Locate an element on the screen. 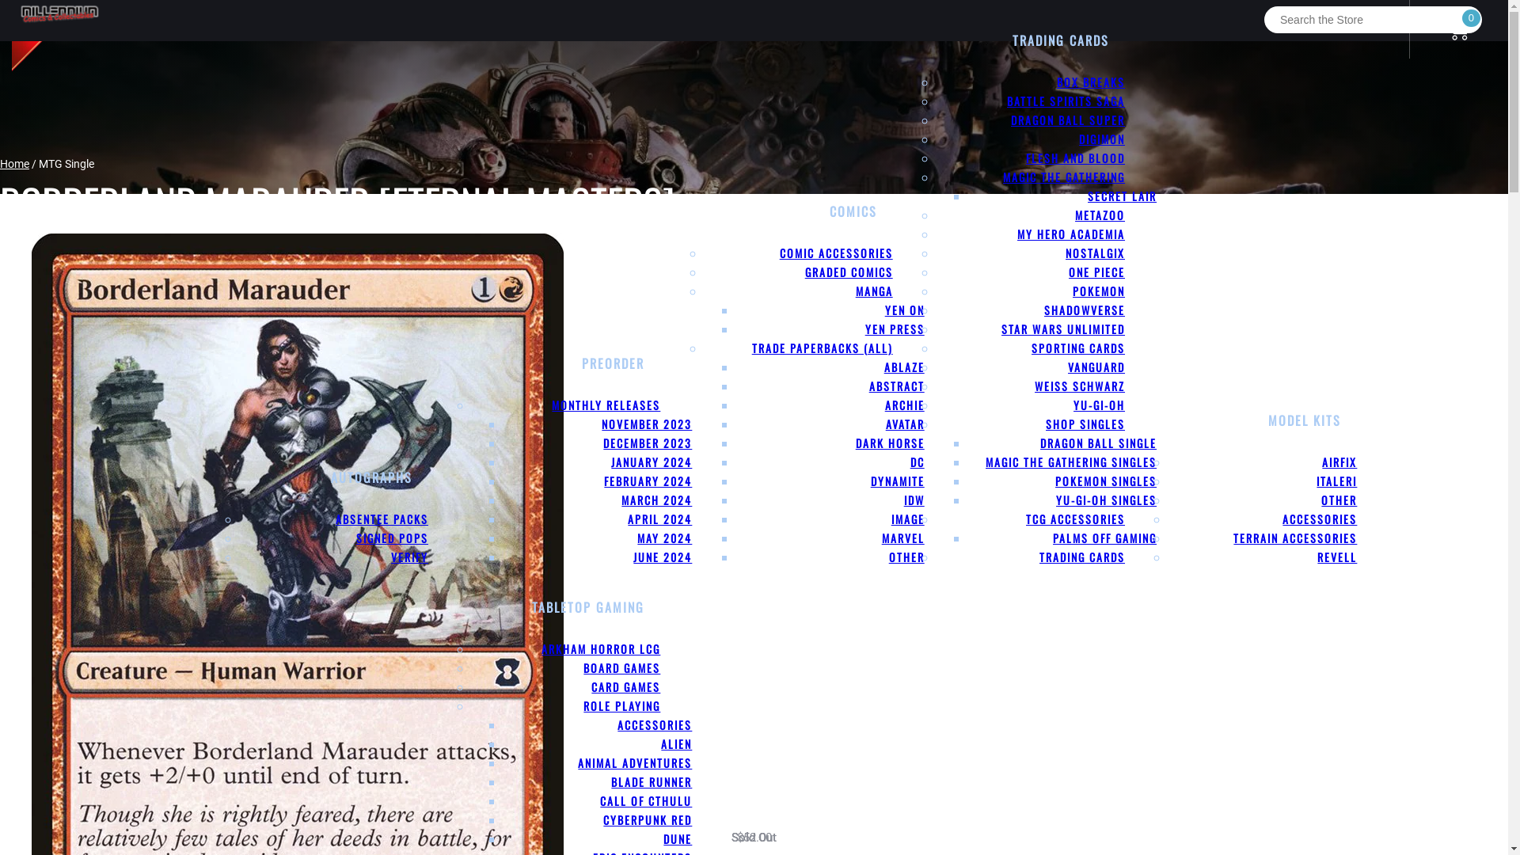 The image size is (1520, 855). 'CALL OF CTHULU' is located at coordinates (646, 800).